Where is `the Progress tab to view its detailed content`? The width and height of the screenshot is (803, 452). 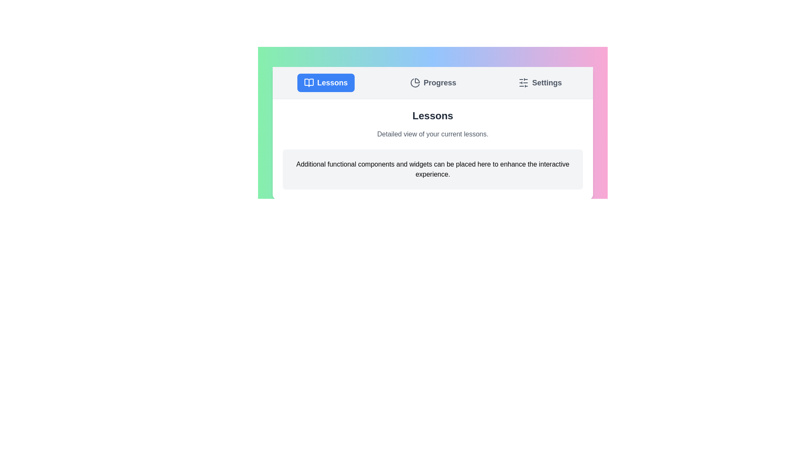
the Progress tab to view its detailed content is located at coordinates (433, 82).